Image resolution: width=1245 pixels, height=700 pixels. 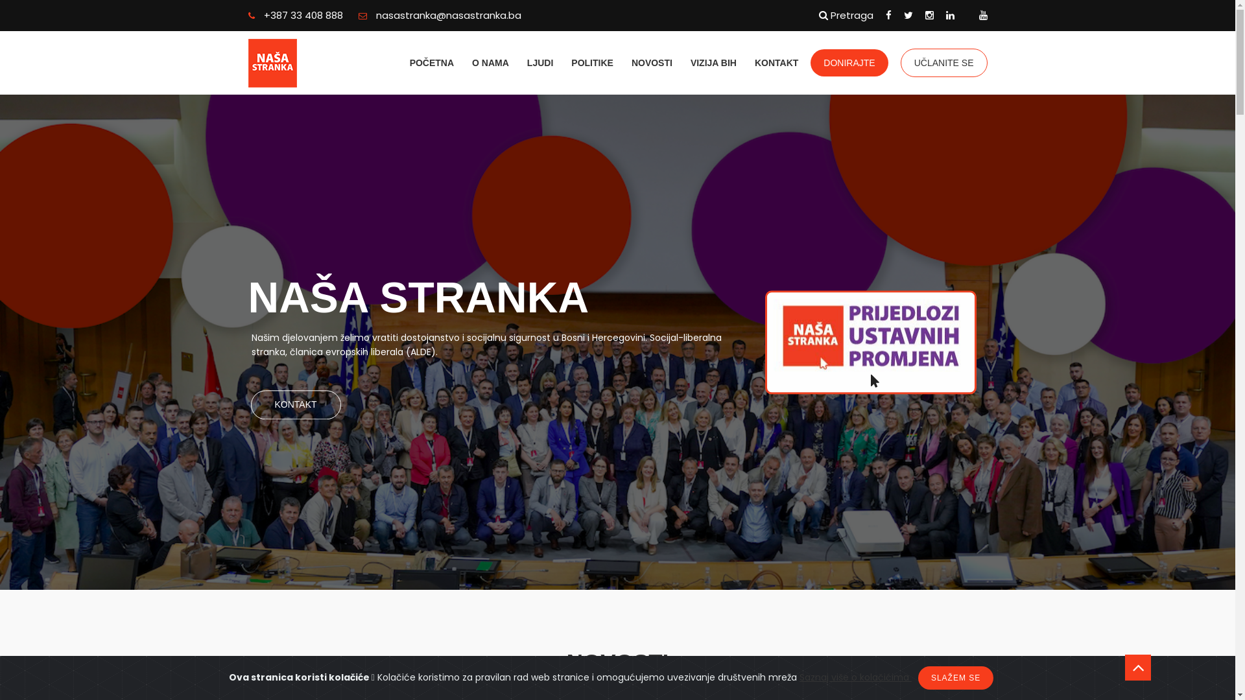 I want to click on 'LJUDI', so click(x=540, y=62).